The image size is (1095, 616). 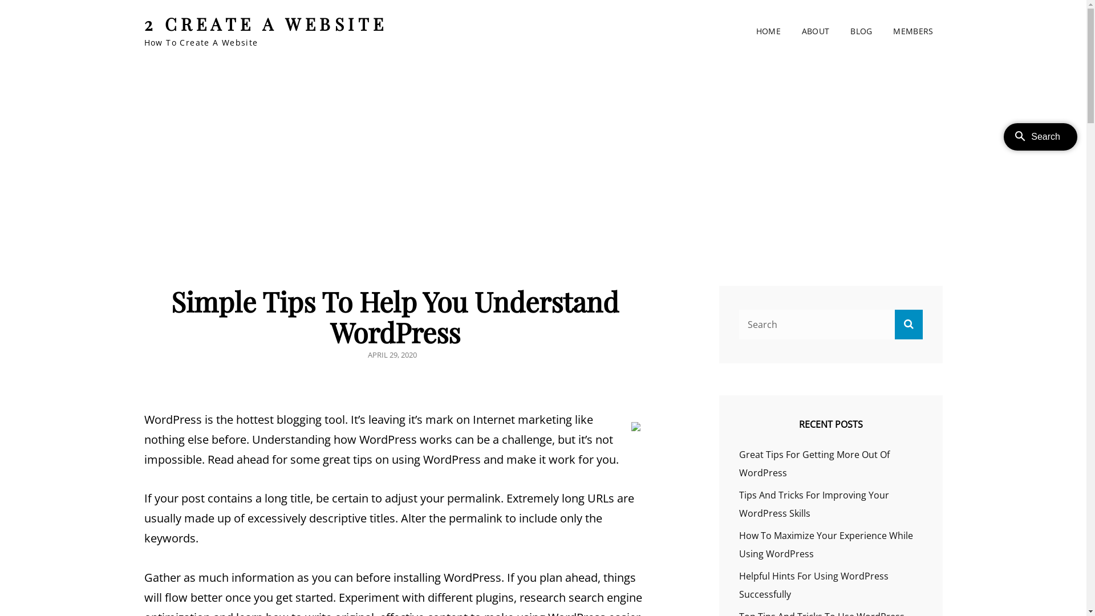 I want to click on 'Search', so click(x=907, y=323).